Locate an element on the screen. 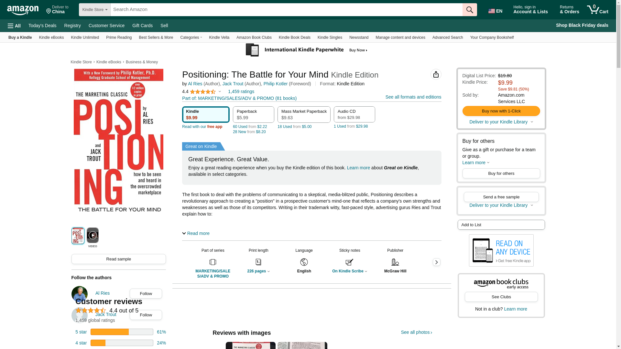 The height and width of the screenshot is (349, 621). 'Amazon Book Clubs' is located at coordinates (254, 37).